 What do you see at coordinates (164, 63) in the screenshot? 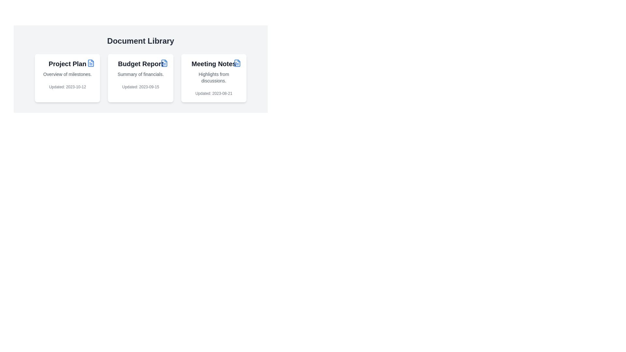
I see `the schematic file icon which is part of the icon group next to the 'Budget Report' title in the Document Library layout` at bounding box center [164, 63].